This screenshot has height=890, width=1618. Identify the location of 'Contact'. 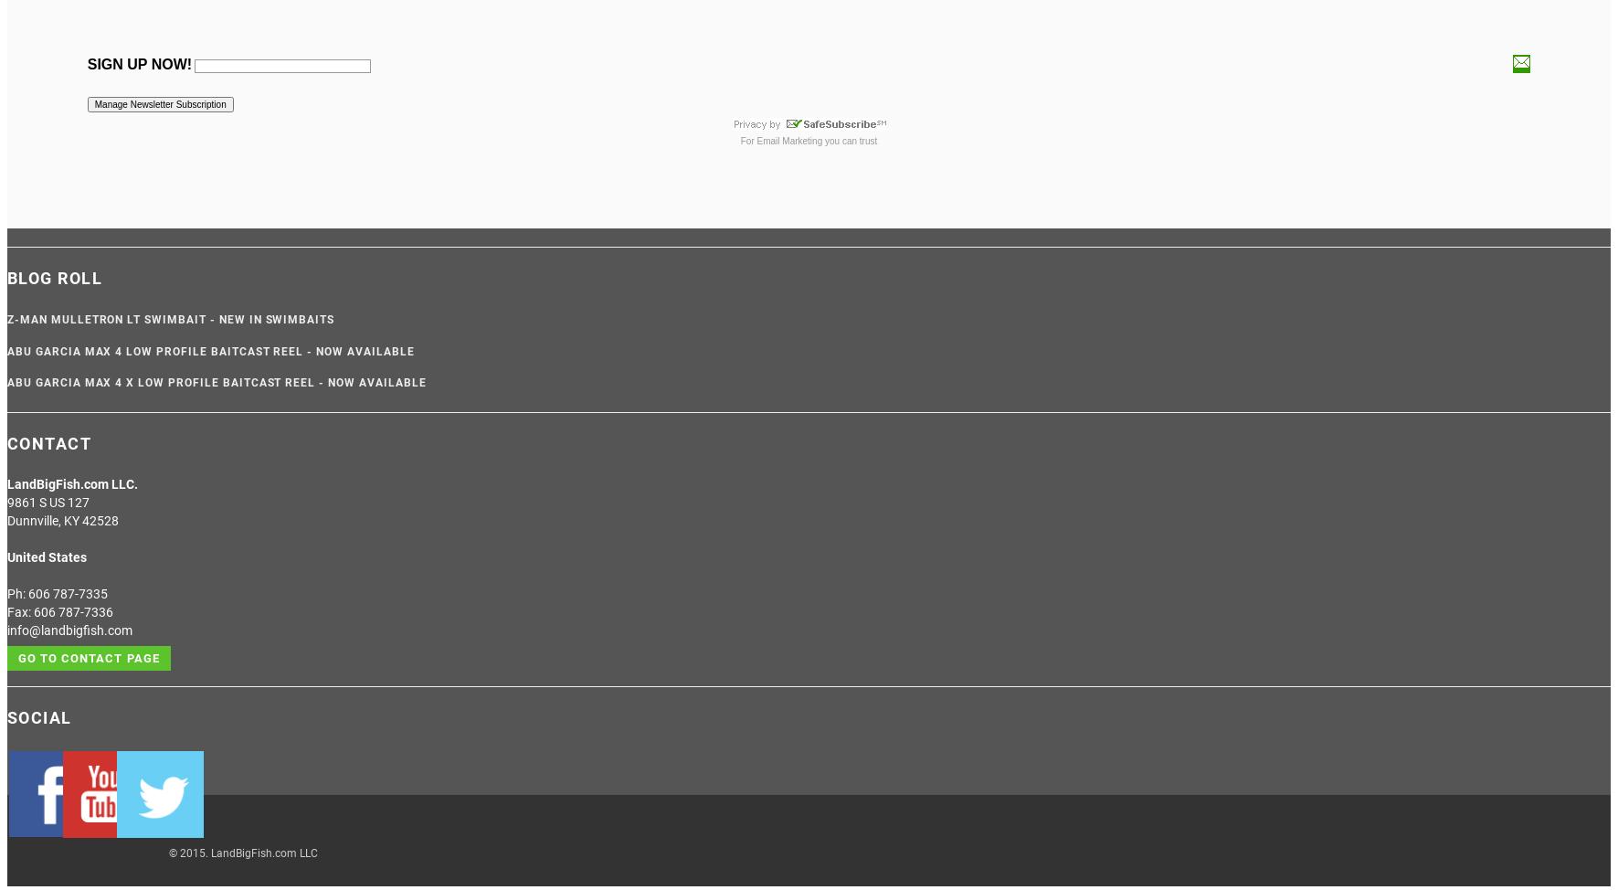
(48, 442).